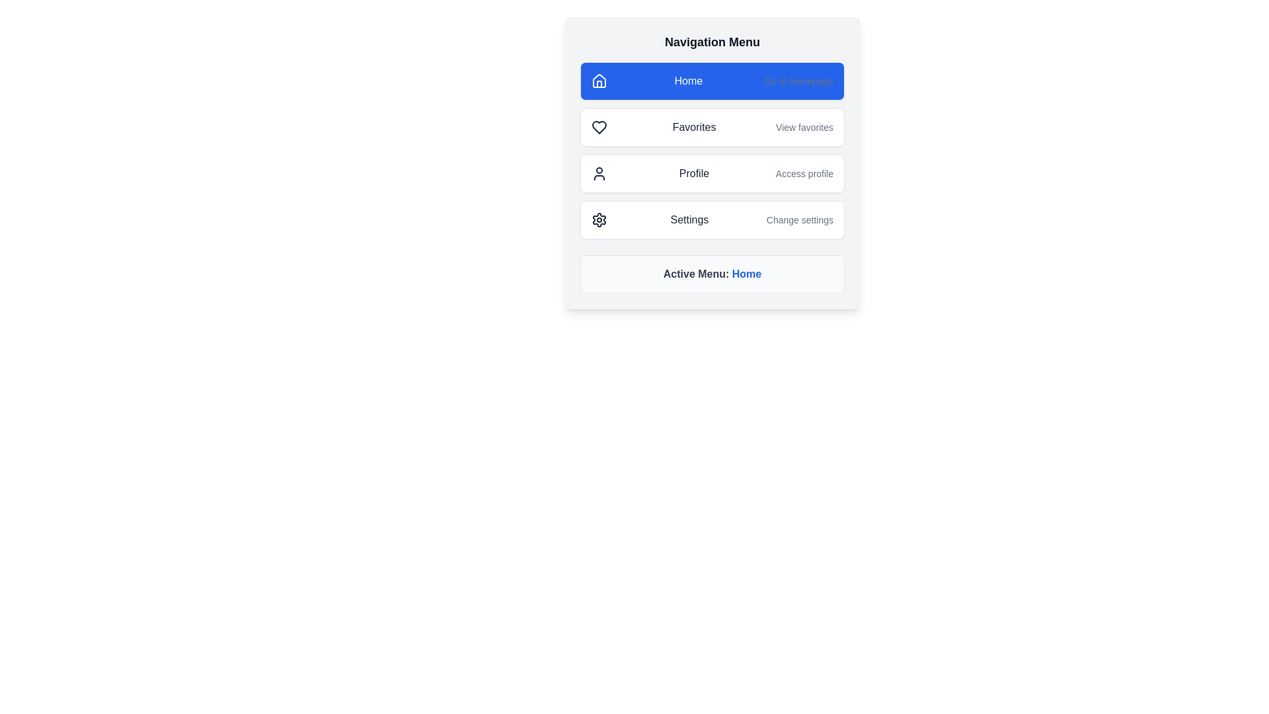 Image resolution: width=1269 pixels, height=714 pixels. I want to click on the 'Settings' navigation icon located in the third row of the navigation menu, so click(599, 219).